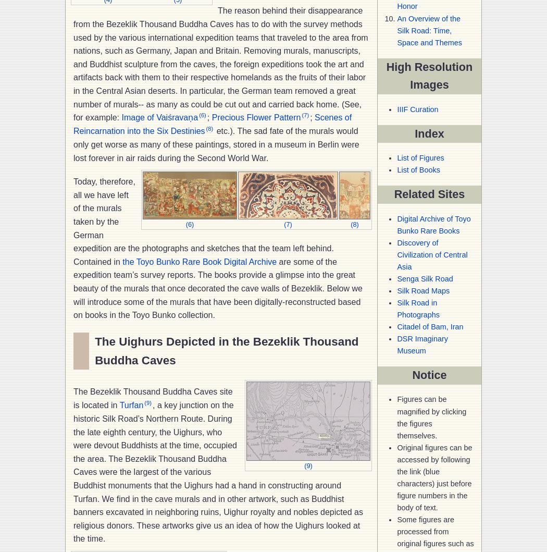 The image size is (547, 552). What do you see at coordinates (203, 221) in the screenshot?
I see `'Today, therefore, all we have left of the murals taken by the German expedition are the photographs and sketches that the team left behind. Contained in'` at bounding box center [203, 221].